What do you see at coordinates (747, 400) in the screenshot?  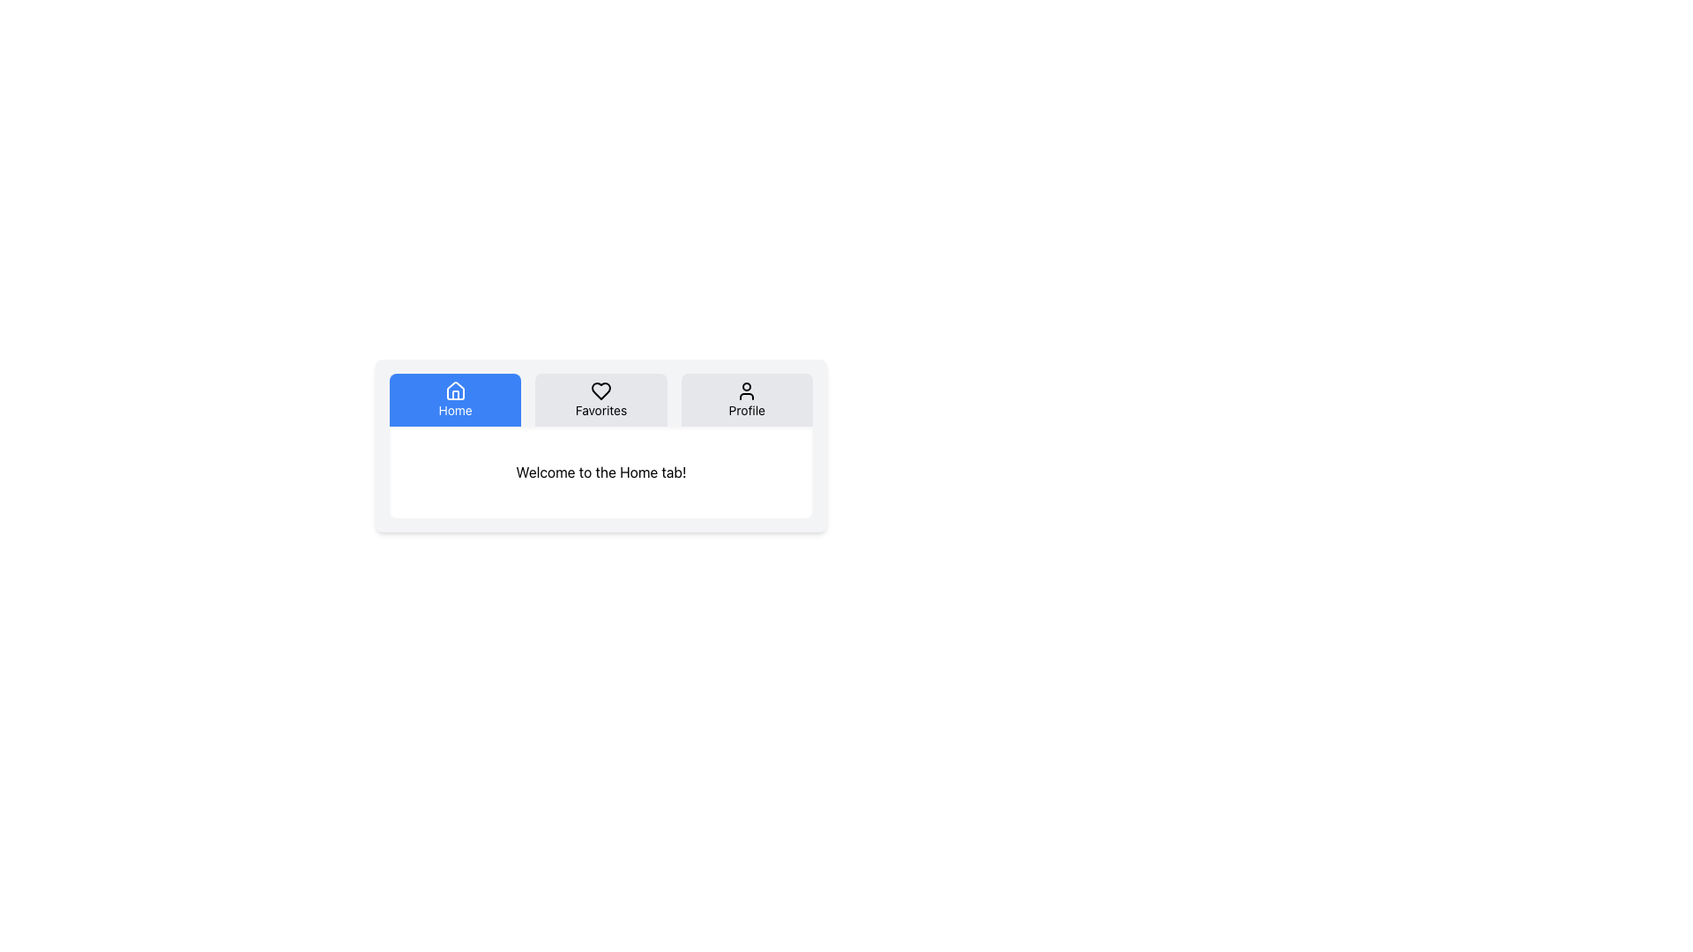 I see `the navigational button on the far right` at bounding box center [747, 400].